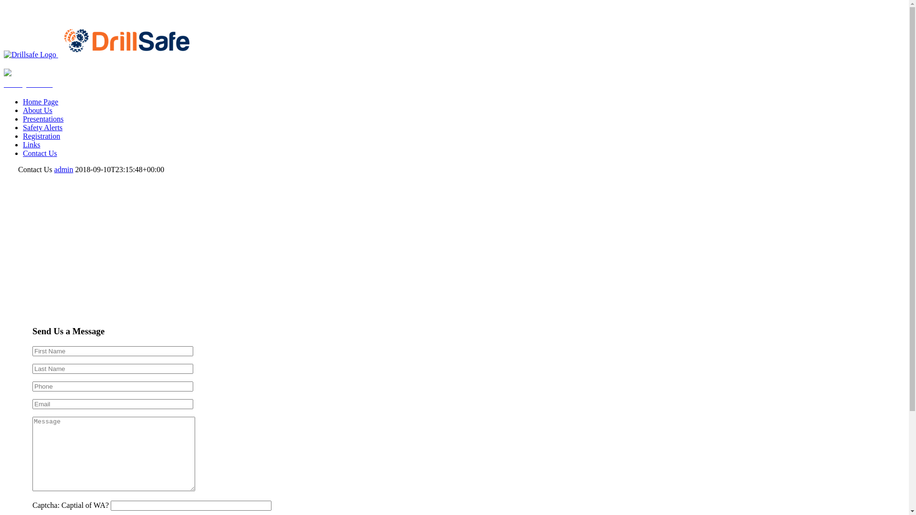  Describe the element at coordinates (39, 153) in the screenshot. I see `'Contact Us'` at that location.